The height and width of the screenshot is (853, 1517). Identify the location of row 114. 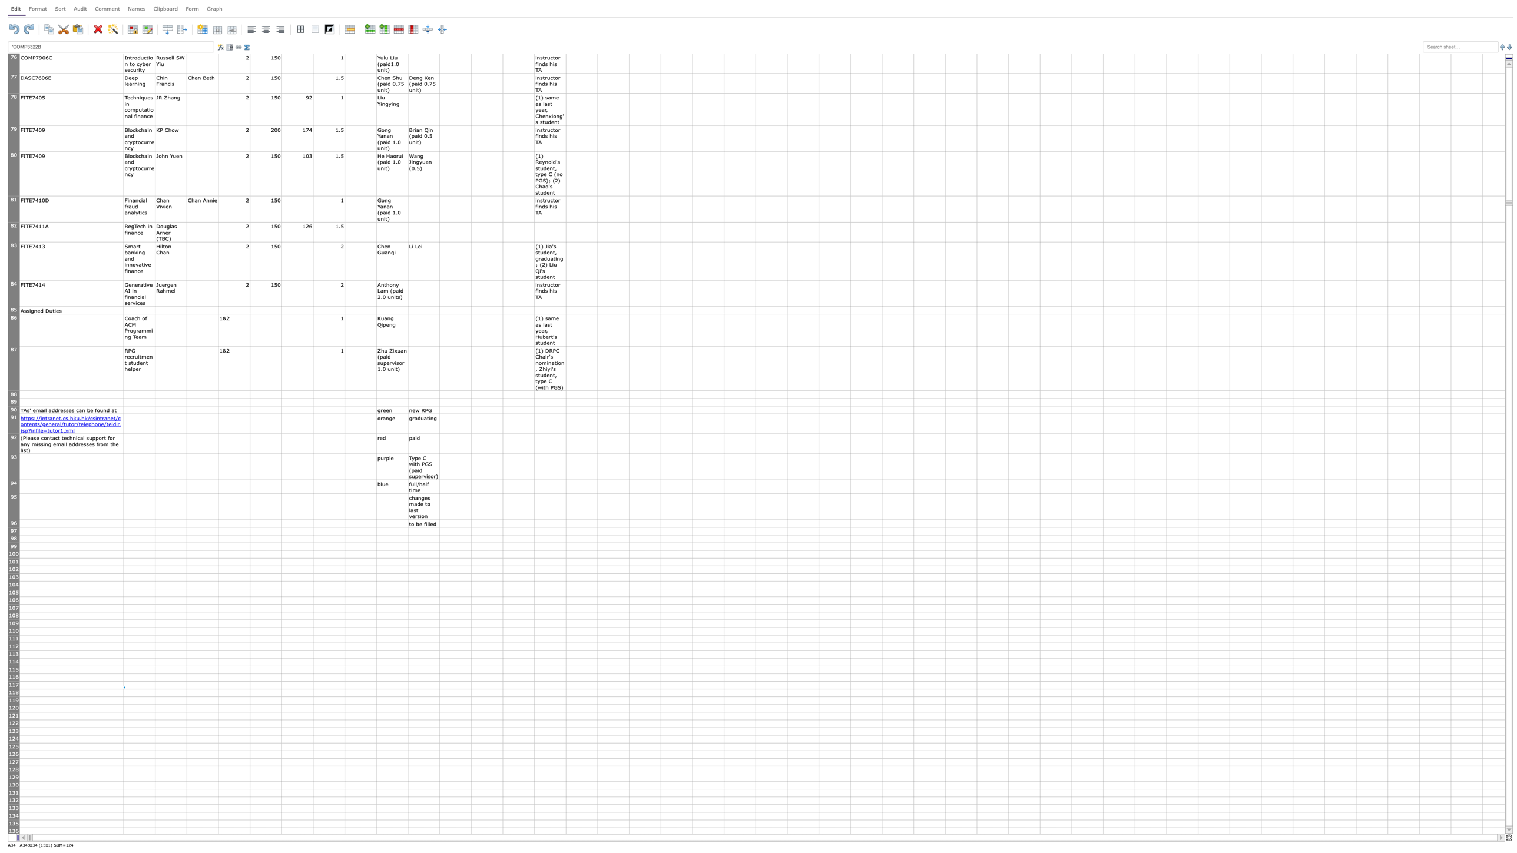
(14, 662).